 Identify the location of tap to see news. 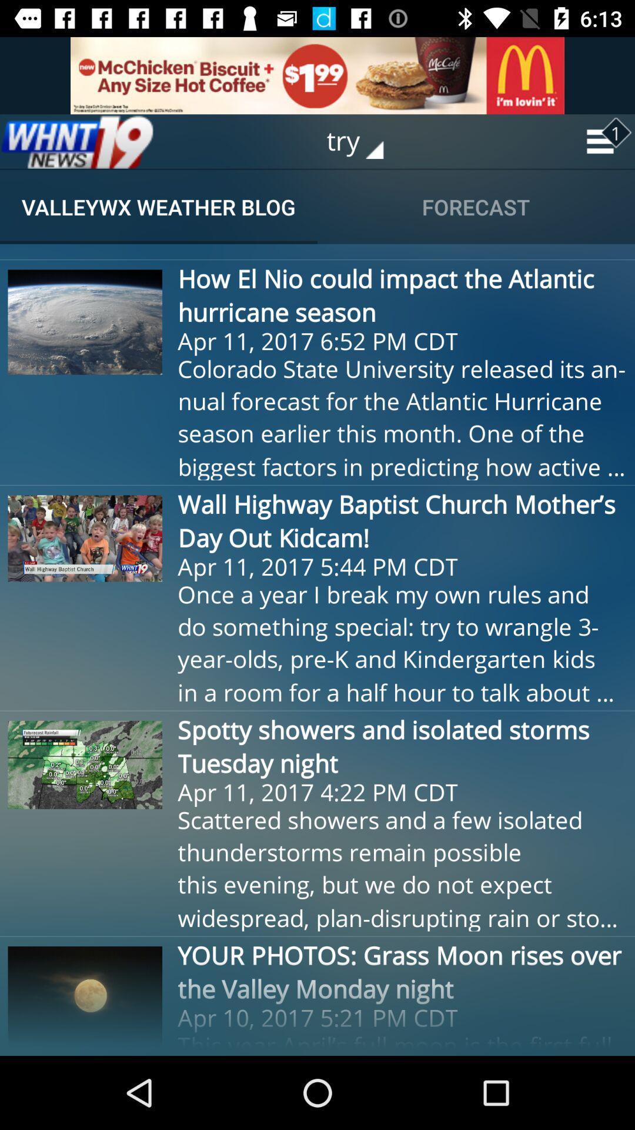
(77, 141).